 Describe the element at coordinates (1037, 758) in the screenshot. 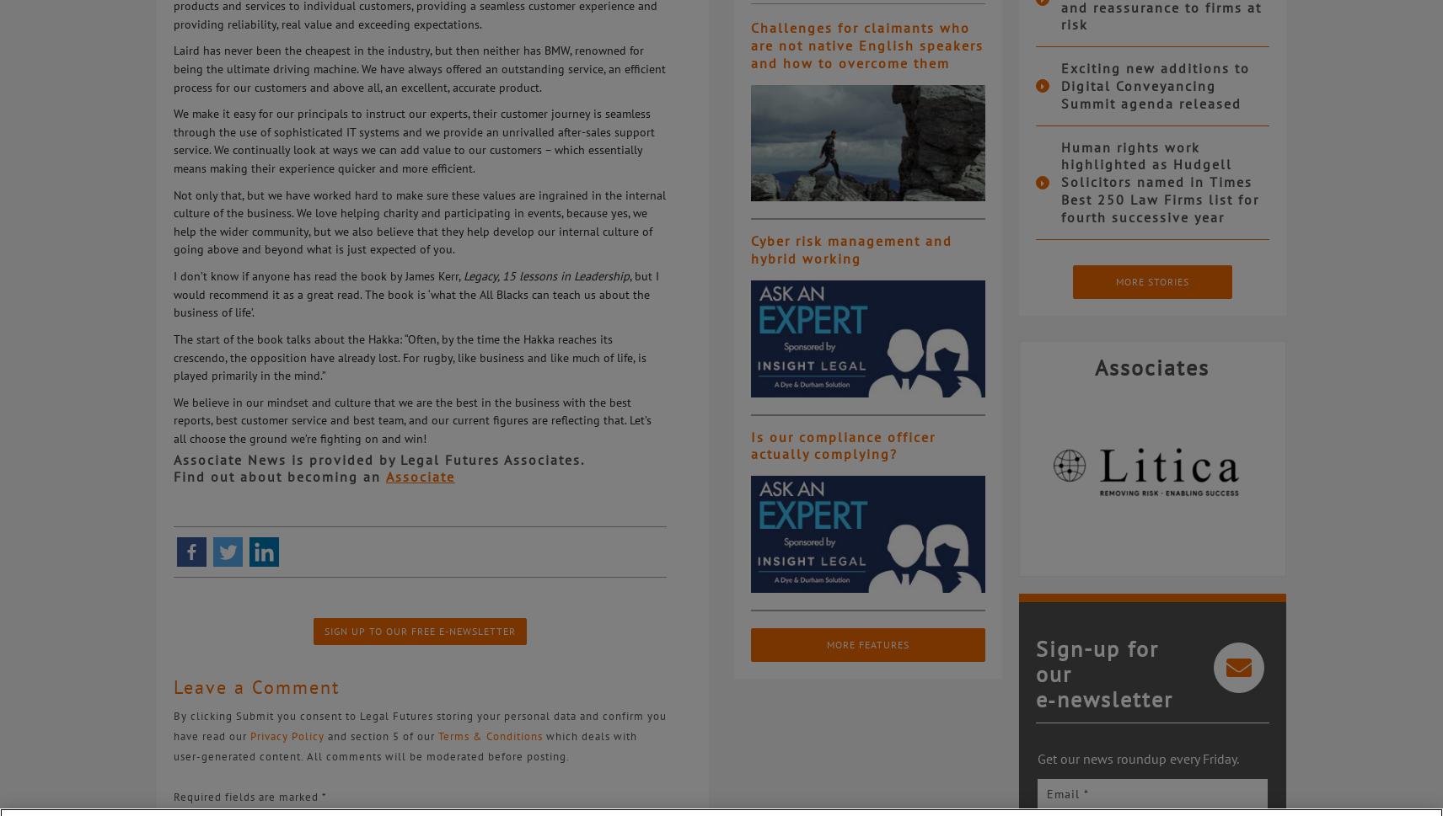

I see `'Get our news roundup every Friday.'` at that location.